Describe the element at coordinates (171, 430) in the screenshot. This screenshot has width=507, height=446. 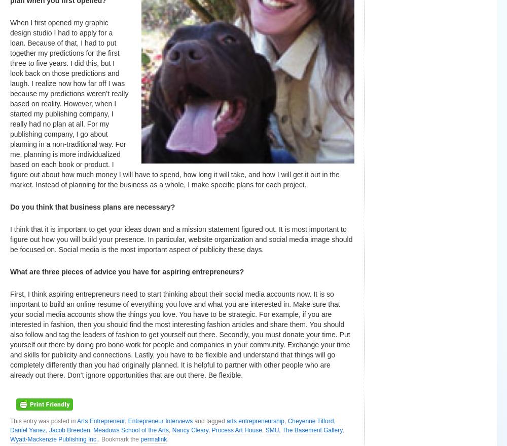
I see `'Nancy Cleary'` at that location.